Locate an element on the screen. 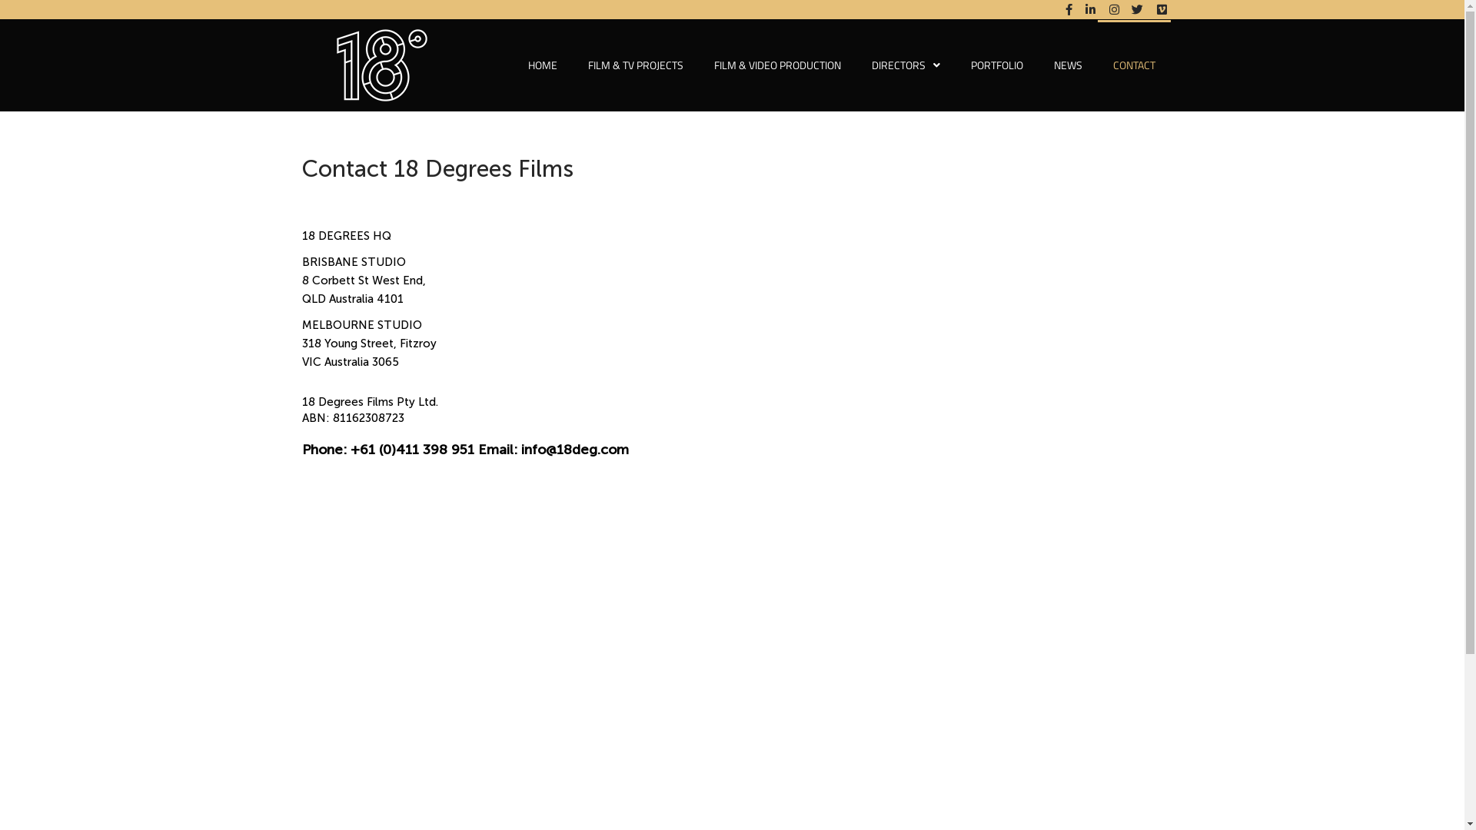  'Phone: +61 (0)411 398 951 Email: info@18deg.com' is located at coordinates (464, 450).